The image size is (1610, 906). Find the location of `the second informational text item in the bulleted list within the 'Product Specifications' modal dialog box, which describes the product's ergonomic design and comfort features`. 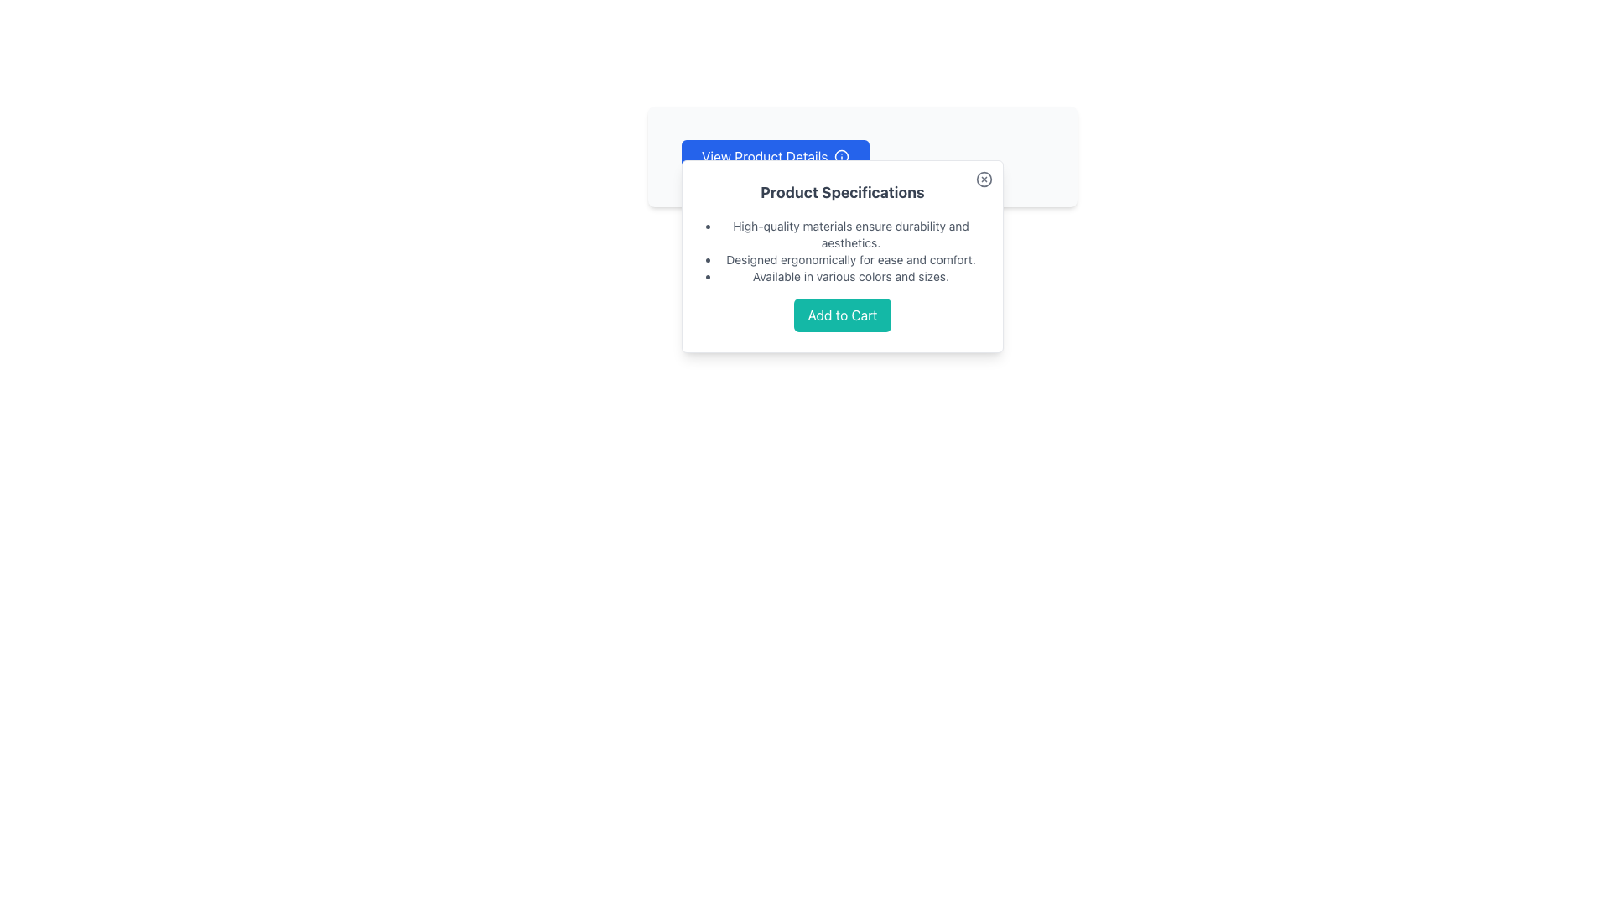

the second informational text item in the bulleted list within the 'Product Specifications' modal dialog box, which describes the product's ergonomic design and comfort features is located at coordinates (850, 259).